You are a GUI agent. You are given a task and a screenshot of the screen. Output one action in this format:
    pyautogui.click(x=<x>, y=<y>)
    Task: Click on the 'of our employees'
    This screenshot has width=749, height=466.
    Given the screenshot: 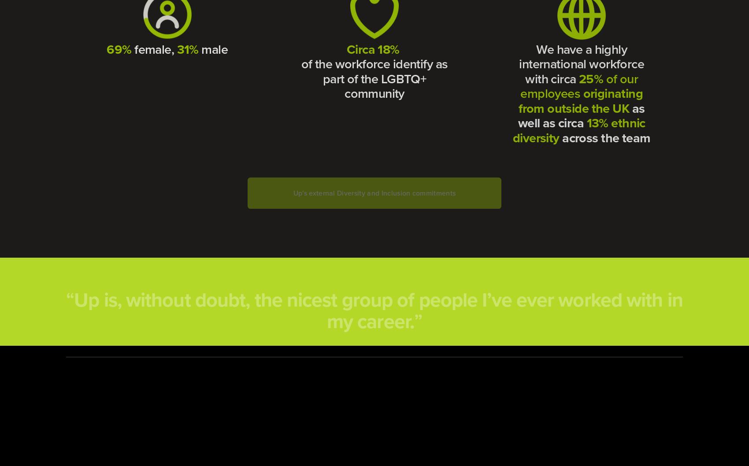 What is the action you would take?
    pyautogui.click(x=519, y=85)
    